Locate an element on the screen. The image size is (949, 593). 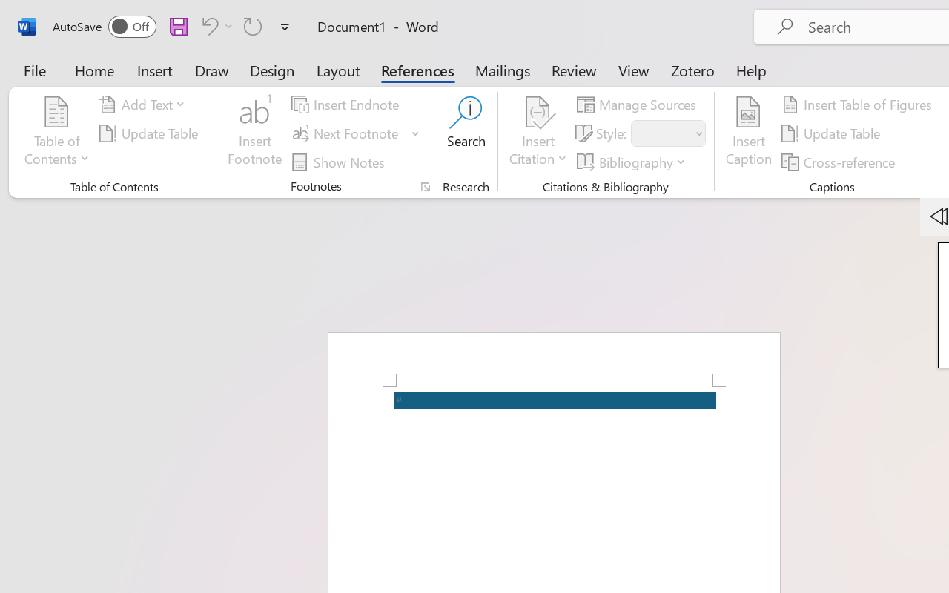
'Add Text' is located at coordinates (145, 105).